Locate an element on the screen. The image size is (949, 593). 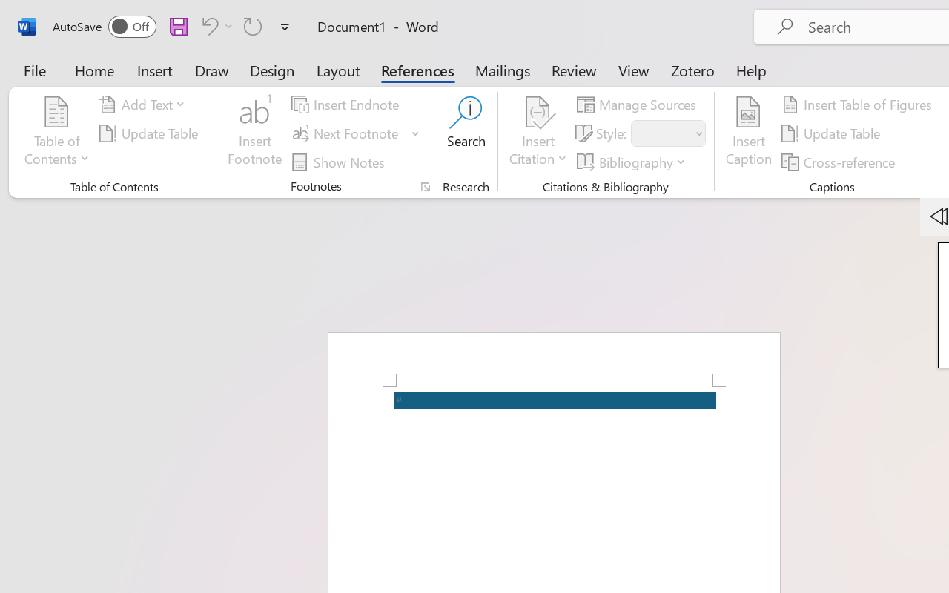
'Add Text' is located at coordinates (145, 105).